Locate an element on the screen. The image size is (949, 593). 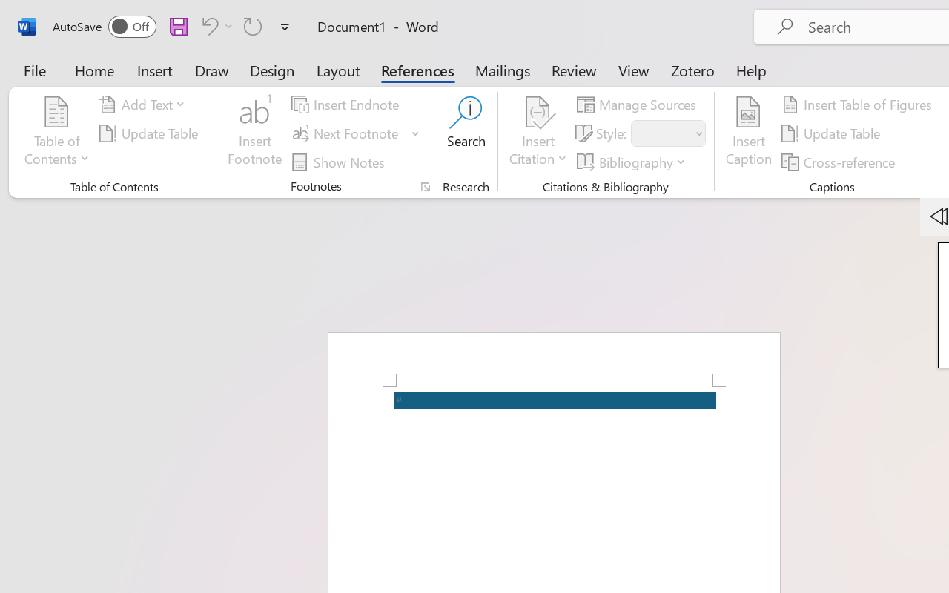
'Add Text' is located at coordinates (145, 105).